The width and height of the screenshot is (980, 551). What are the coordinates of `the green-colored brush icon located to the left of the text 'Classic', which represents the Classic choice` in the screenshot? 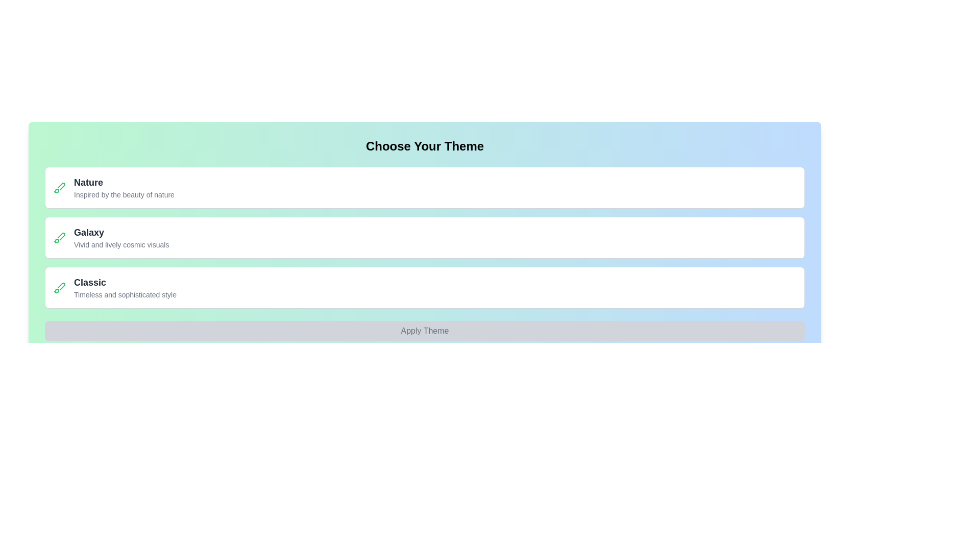 It's located at (59, 287).